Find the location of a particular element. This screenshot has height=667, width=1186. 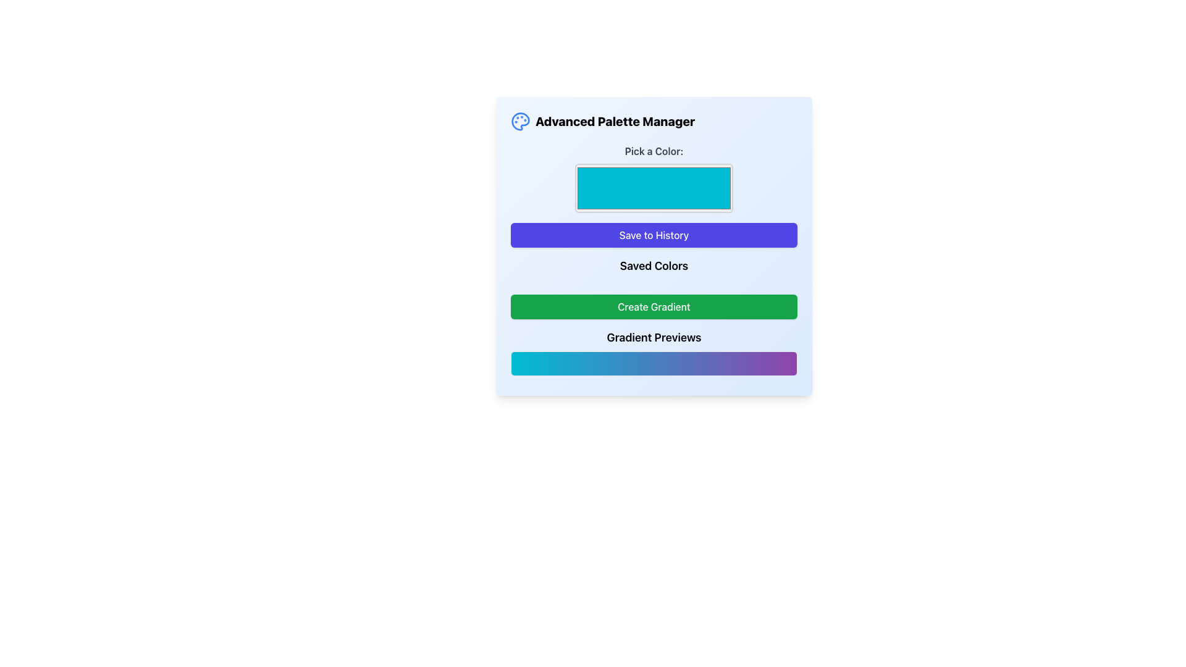

the 'Advanced Palette Manager' header text is located at coordinates (603, 121).